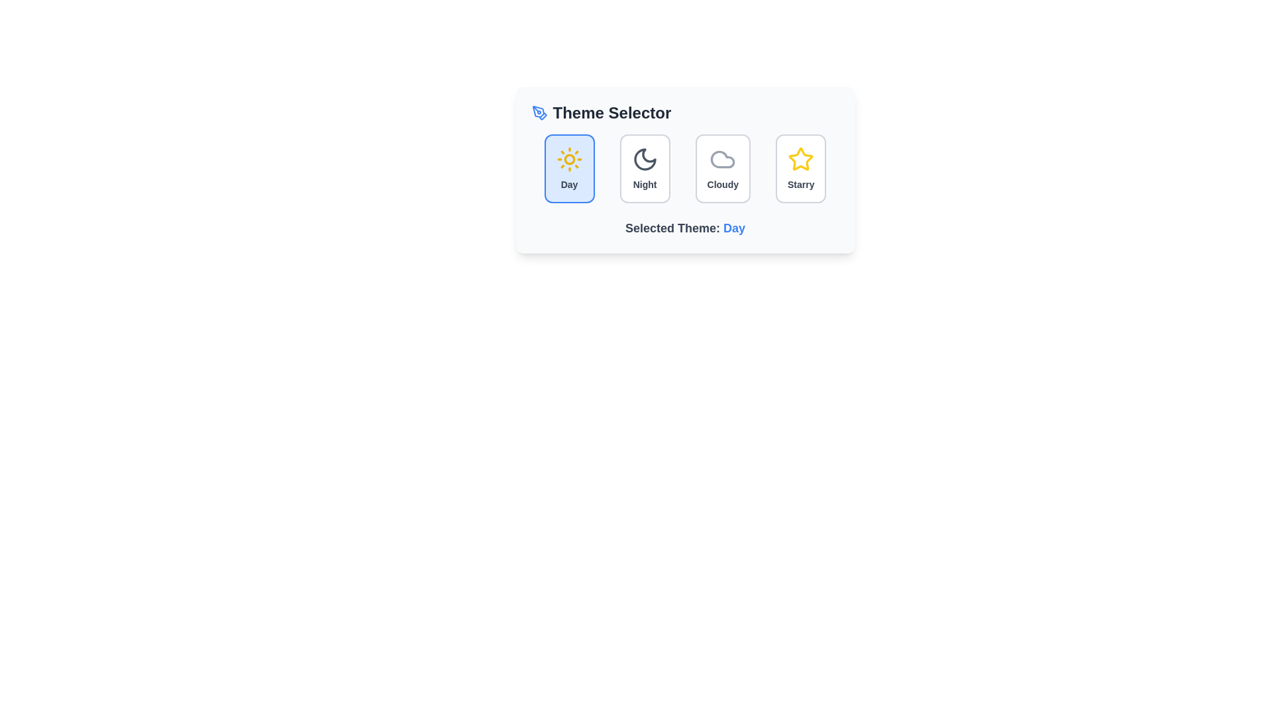  What do you see at coordinates (645, 184) in the screenshot?
I see `the 'Night' label text in the theme selector component, which is located in the second card of a horizontal group of four cards, positioned between 'Day' and 'Cloudy'` at bounding box center [645, 184].